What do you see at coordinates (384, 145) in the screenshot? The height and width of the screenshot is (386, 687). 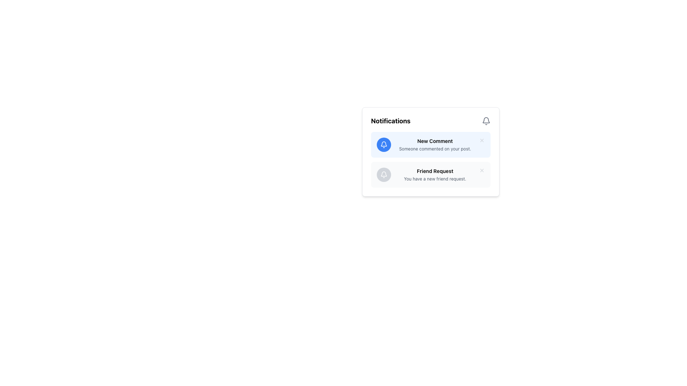 I see `the notification icon located within the top-right corner of the notifications panel, which is represented by a circular blue button` at bounding box center [384, 145].